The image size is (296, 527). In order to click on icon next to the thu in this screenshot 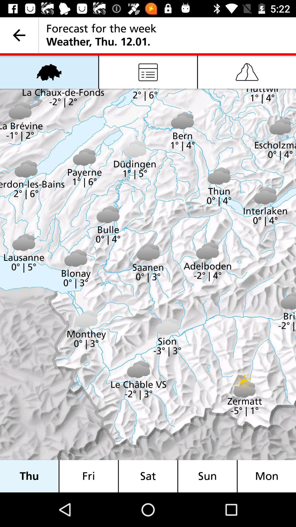, I will do `click(88, 476)`.